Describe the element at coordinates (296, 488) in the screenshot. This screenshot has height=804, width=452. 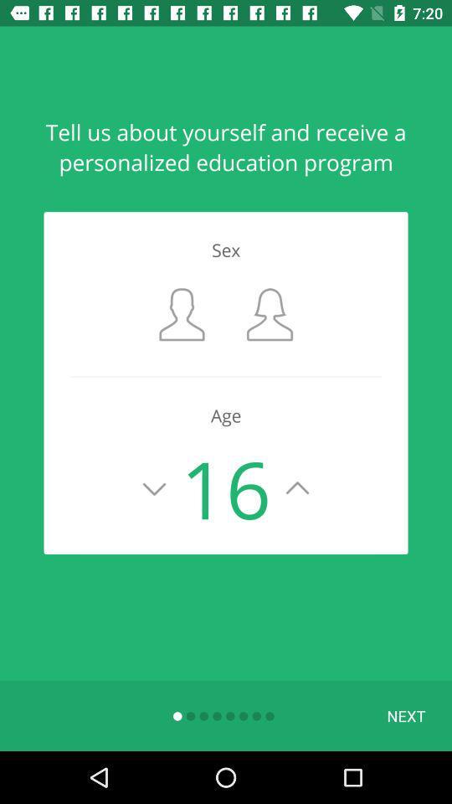
I see `increase age` at that location.